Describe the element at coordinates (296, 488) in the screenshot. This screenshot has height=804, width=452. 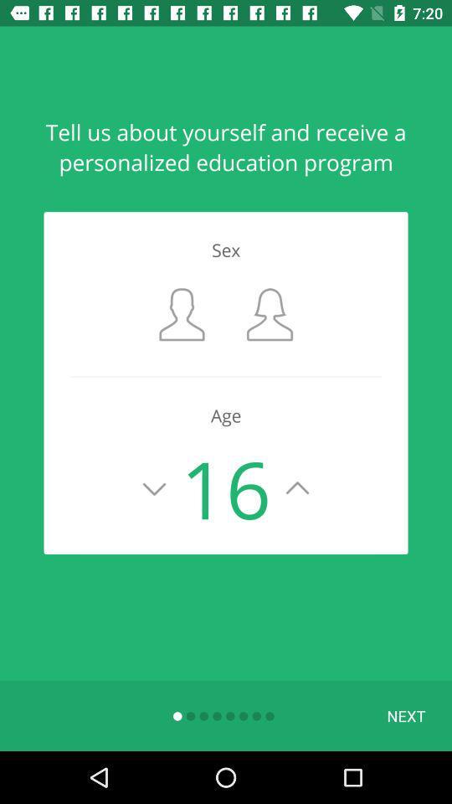
I see `increase age` at that location.